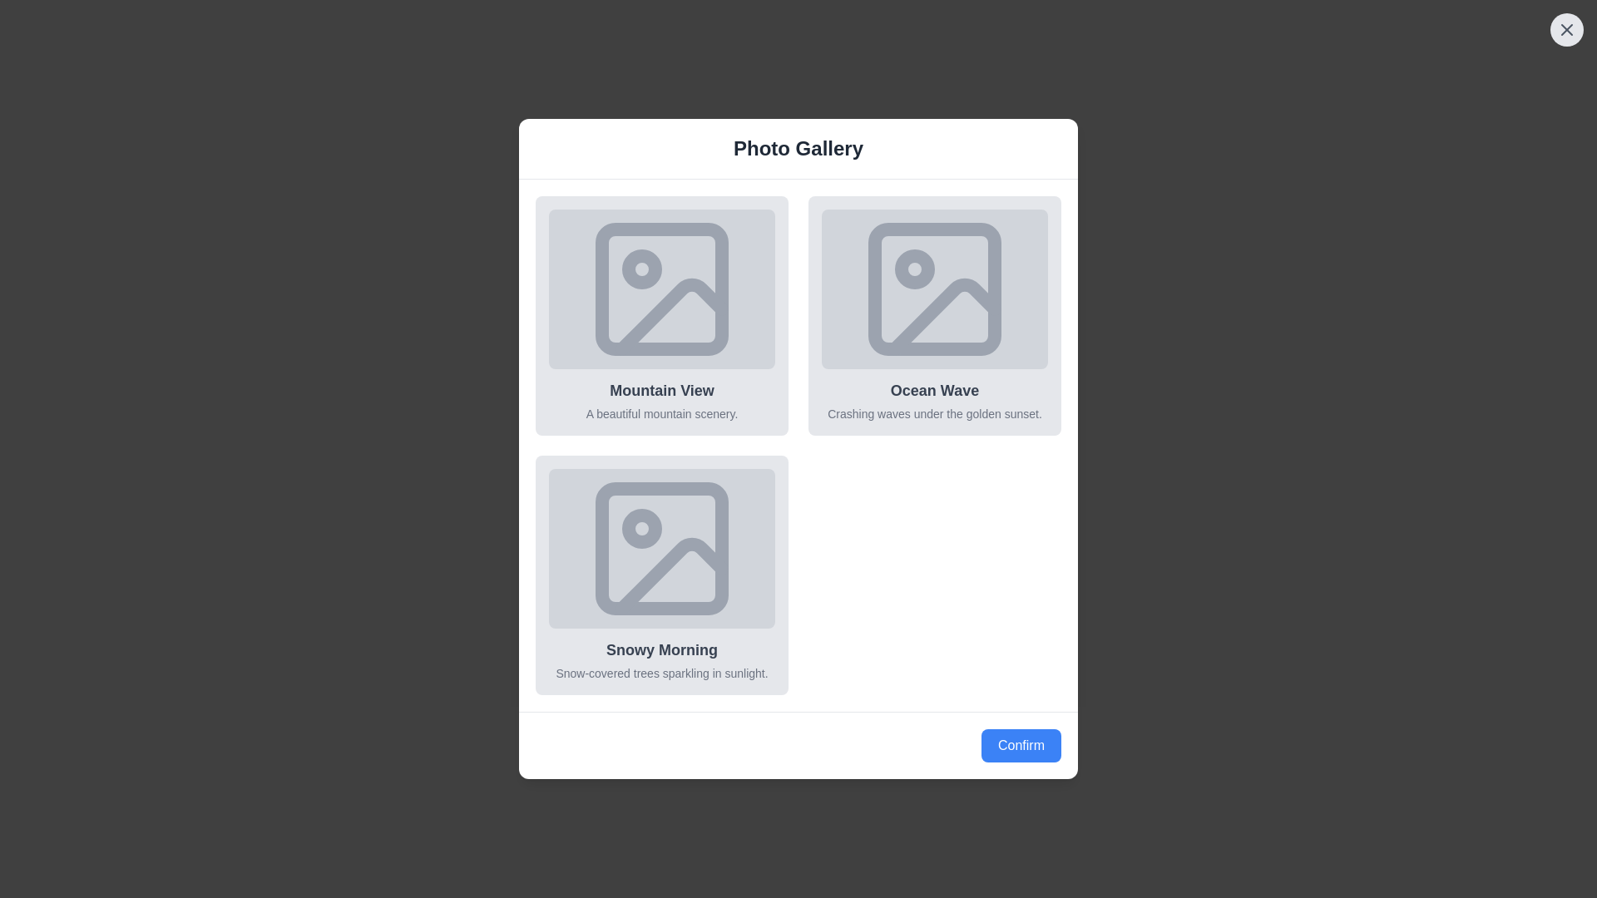 Image resolution: width=1597 pixels, height=898 pixels. Describe the element at coordinates (1021, 745) in the screenshot. I see `the confirm button to proceed` at that location.